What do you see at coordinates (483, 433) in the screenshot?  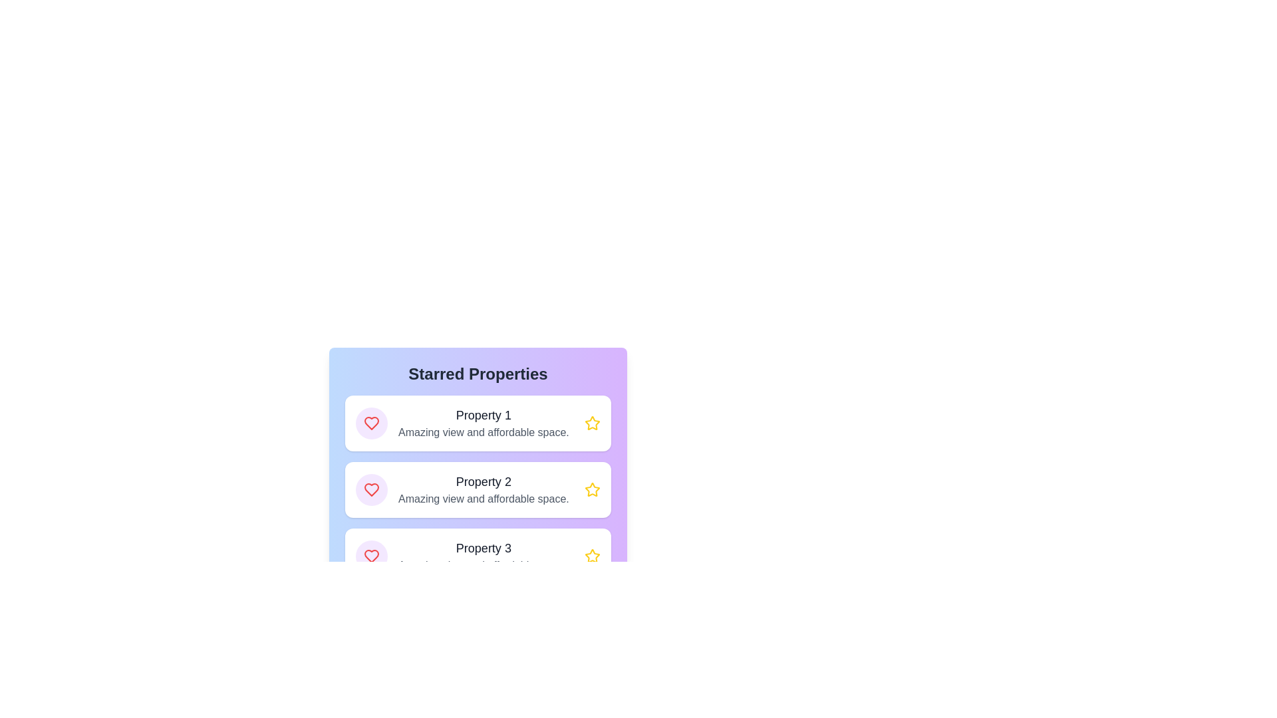 I see `text element displaying 'Amazing view and affordable space.' located under the header 'Property 1' in the first item card of the 'Starred Properties' section` at bounding box center [483, 433].